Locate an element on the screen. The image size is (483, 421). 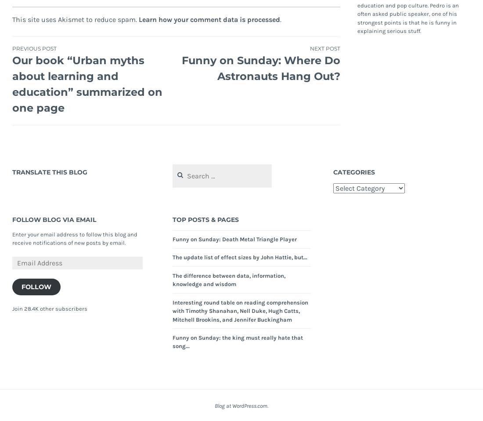
'The update list of effect sizes by John Hattie, but...' is located at coordinates (240, 257).